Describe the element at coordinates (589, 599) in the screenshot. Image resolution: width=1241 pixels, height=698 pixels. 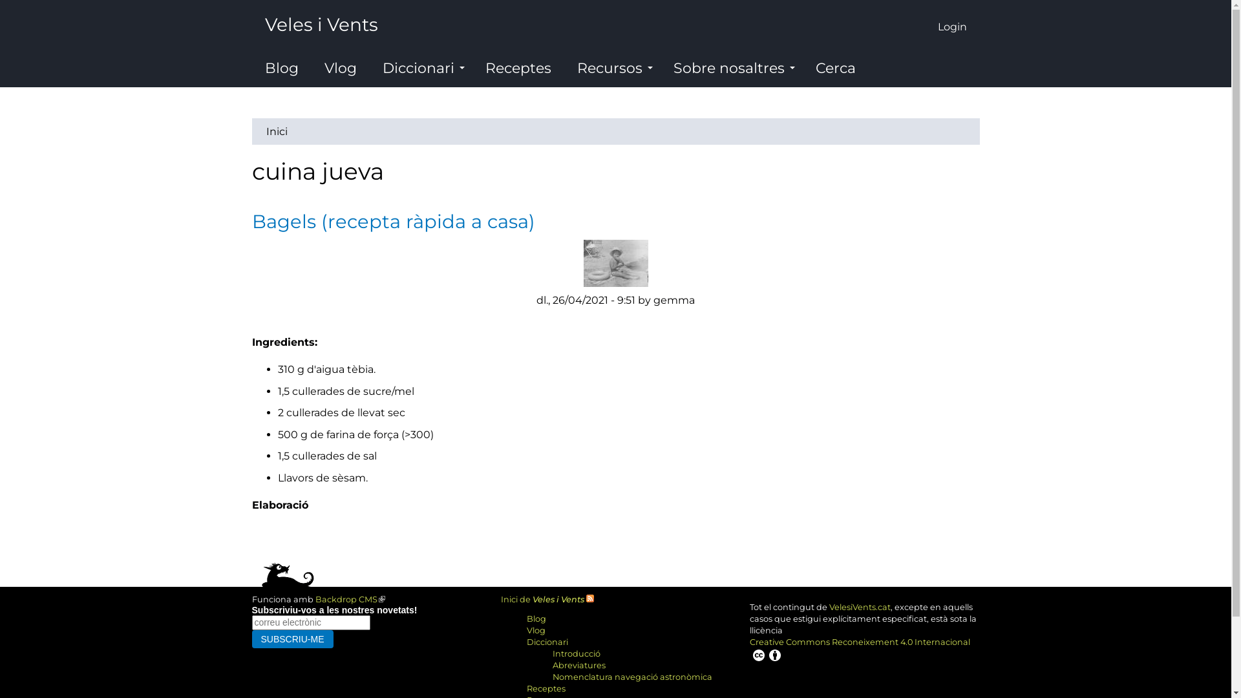
I see `'Syndicated feed for front page'` at that location.